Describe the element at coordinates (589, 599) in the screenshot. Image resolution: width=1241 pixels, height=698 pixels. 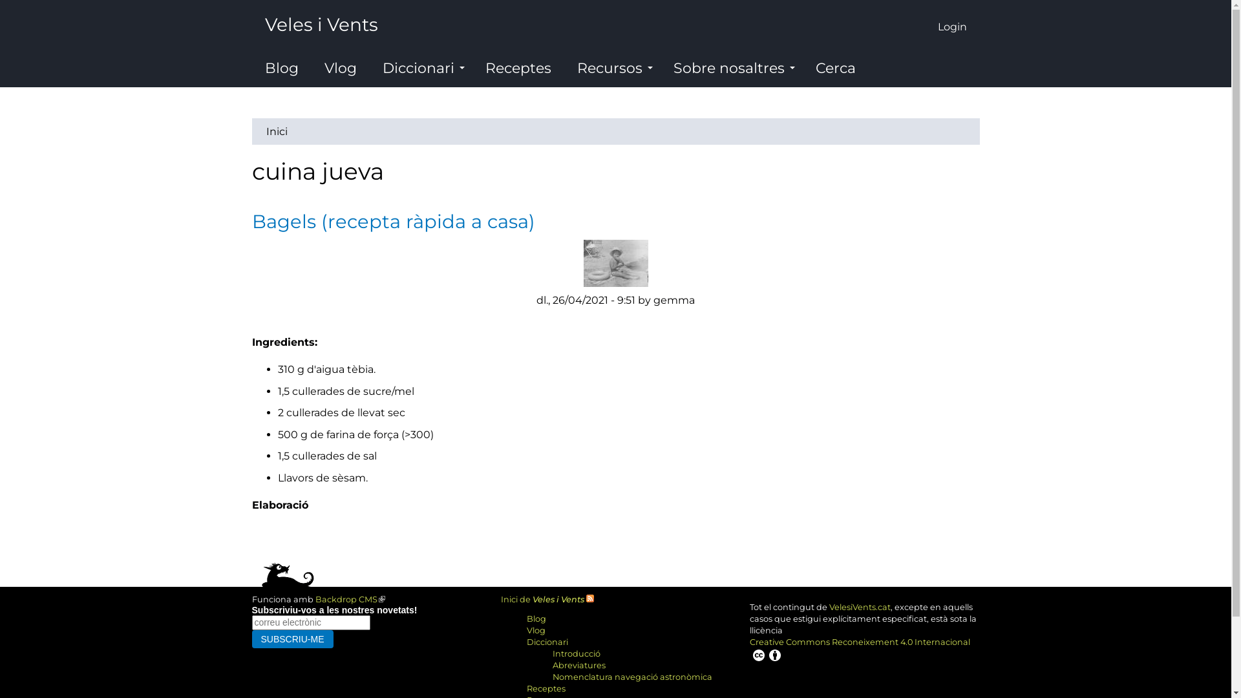
I see `'Syndicated feed for front page'` at that location.